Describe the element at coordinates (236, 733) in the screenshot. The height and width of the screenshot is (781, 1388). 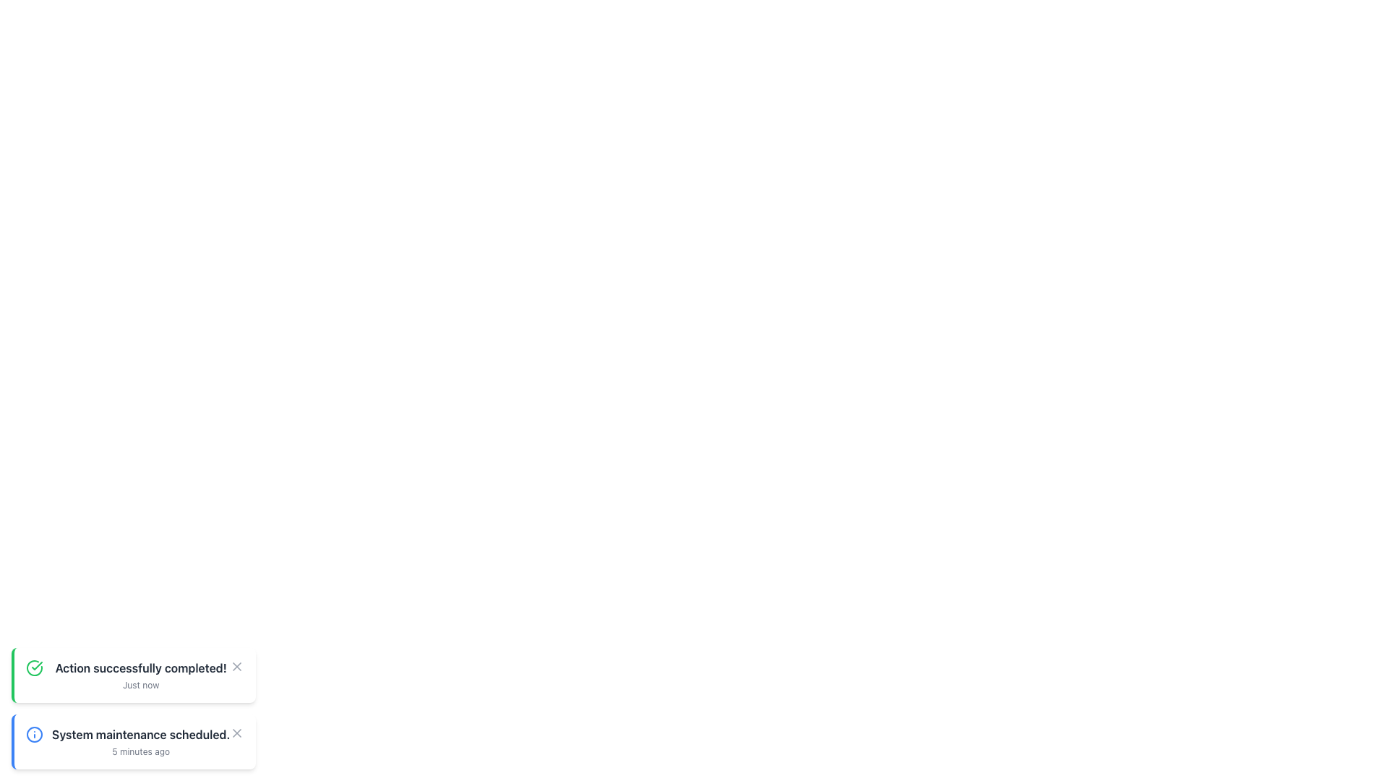
I see `the close button located in the top-right corner of the notification card containing the message 'System maintenance scheduled.'` at that location.